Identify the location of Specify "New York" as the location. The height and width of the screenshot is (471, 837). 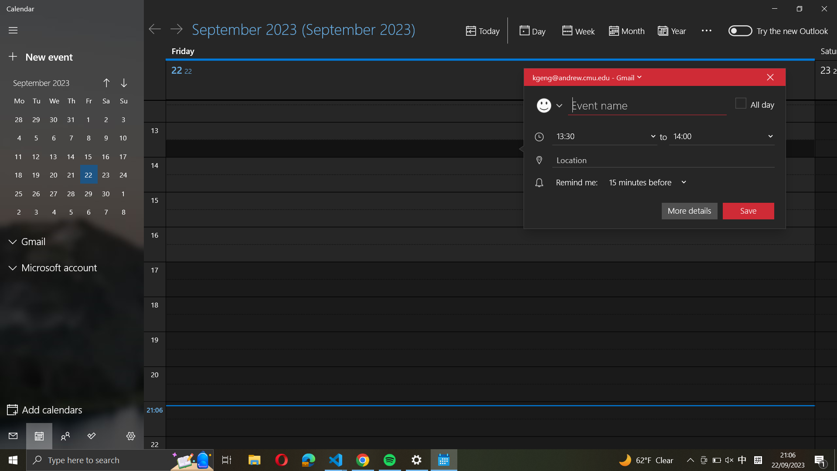
(661, 160).